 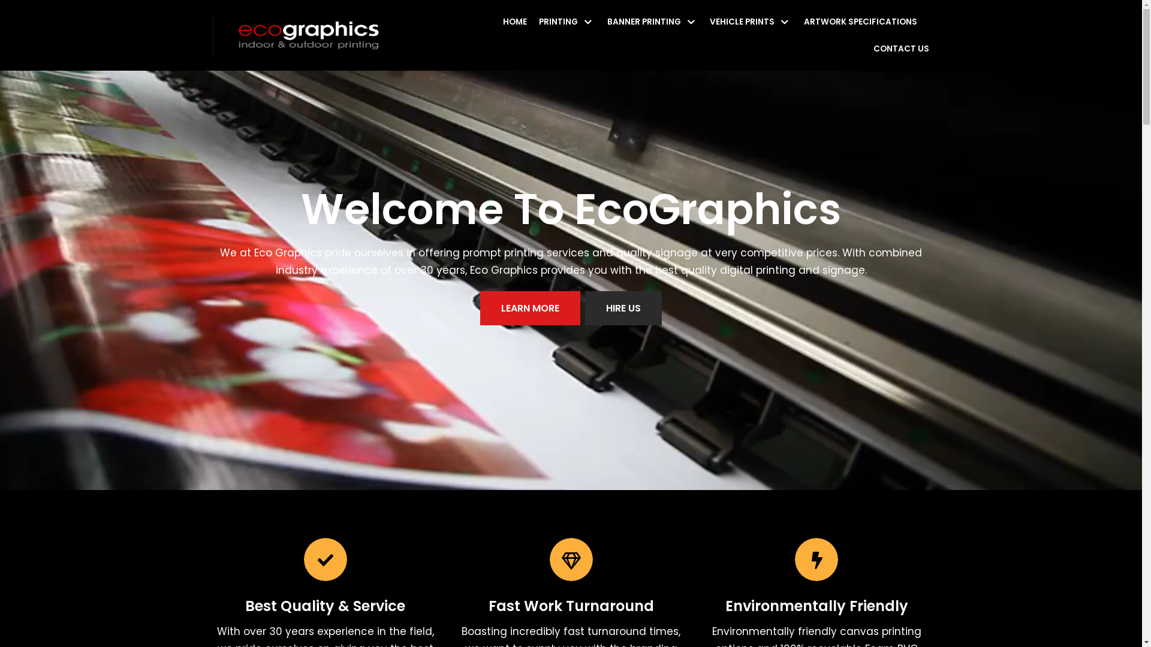 What do you see at coordinates (652, 22) in the screenshot?
I see `'BANNER PRINTING'` at bounding box center [652, 22].